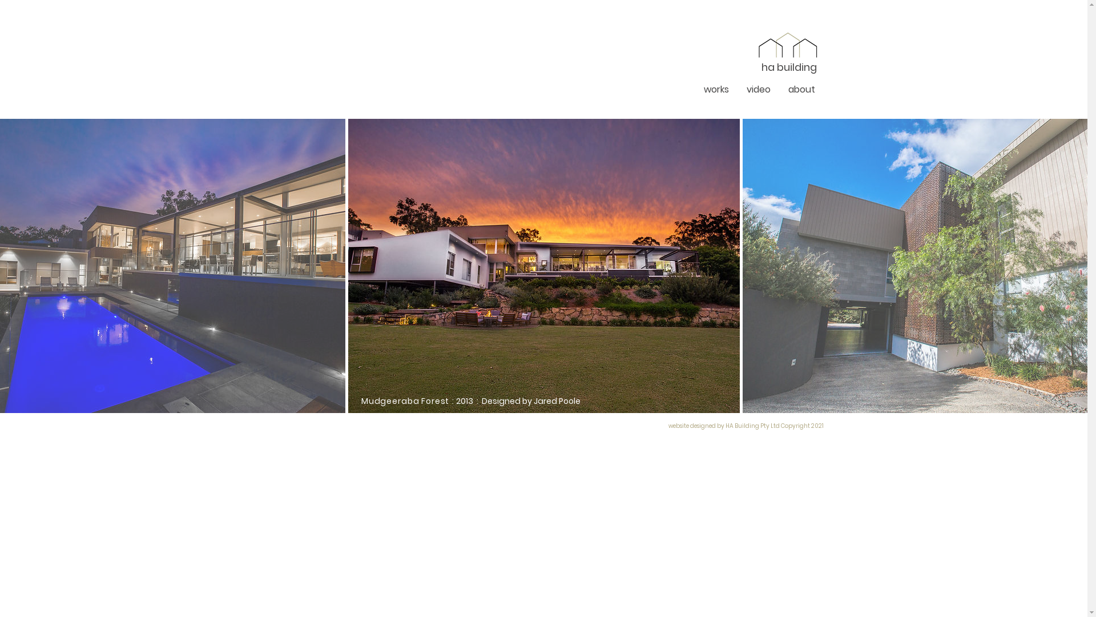 The width and height of the screenshot is (1096, 617). Describe the element at coordinates (715, 89) in the screenshot. I see `'works'` at that location.